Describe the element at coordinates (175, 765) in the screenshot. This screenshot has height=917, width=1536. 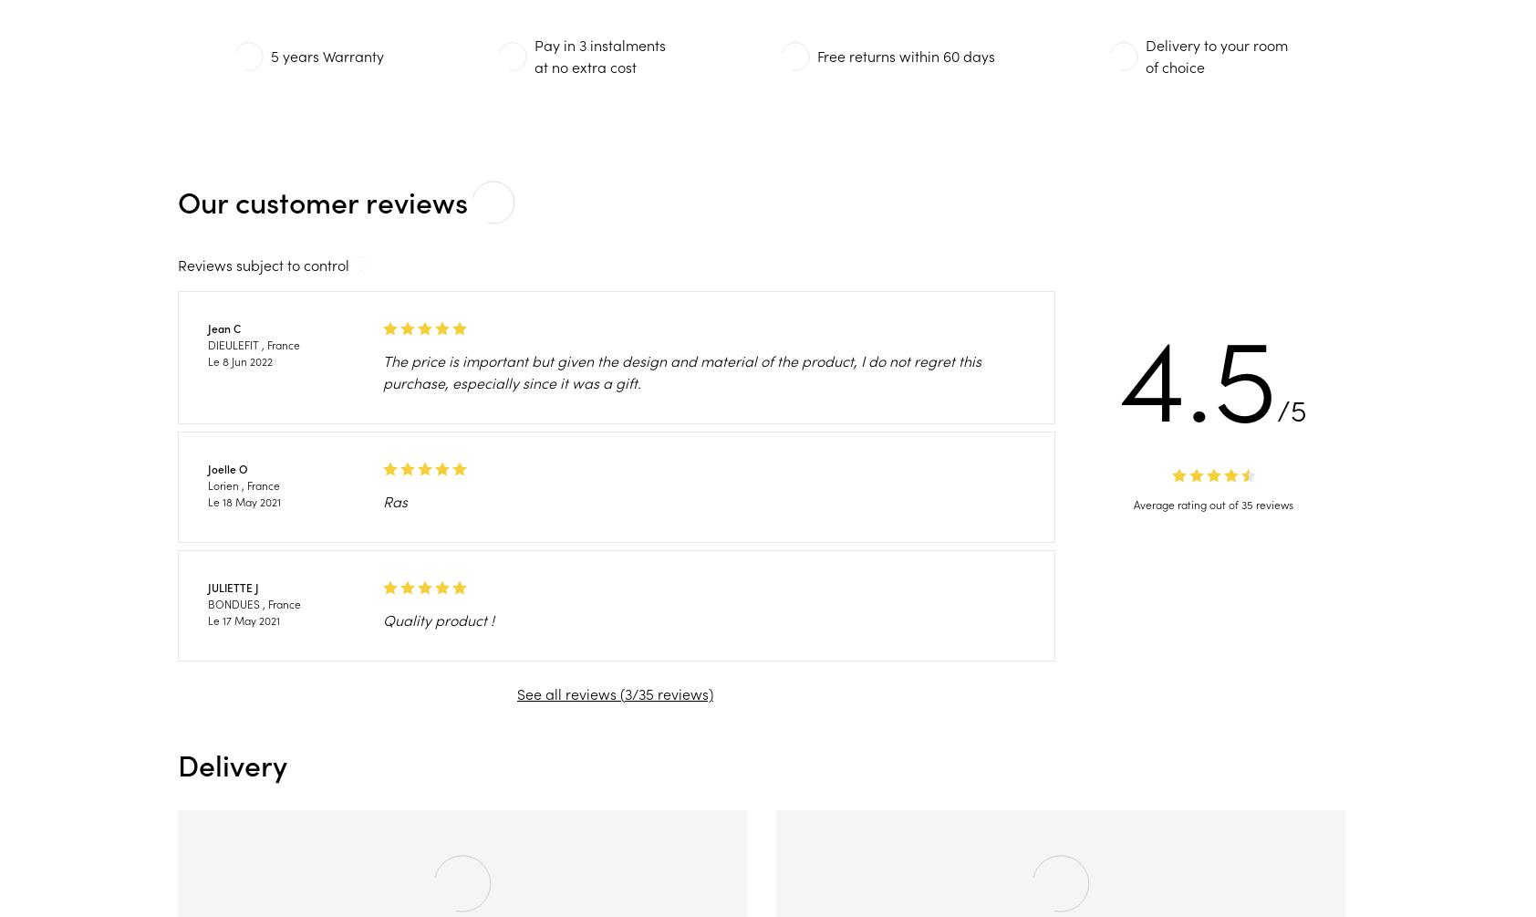
I see `'Delivery'` at that location.